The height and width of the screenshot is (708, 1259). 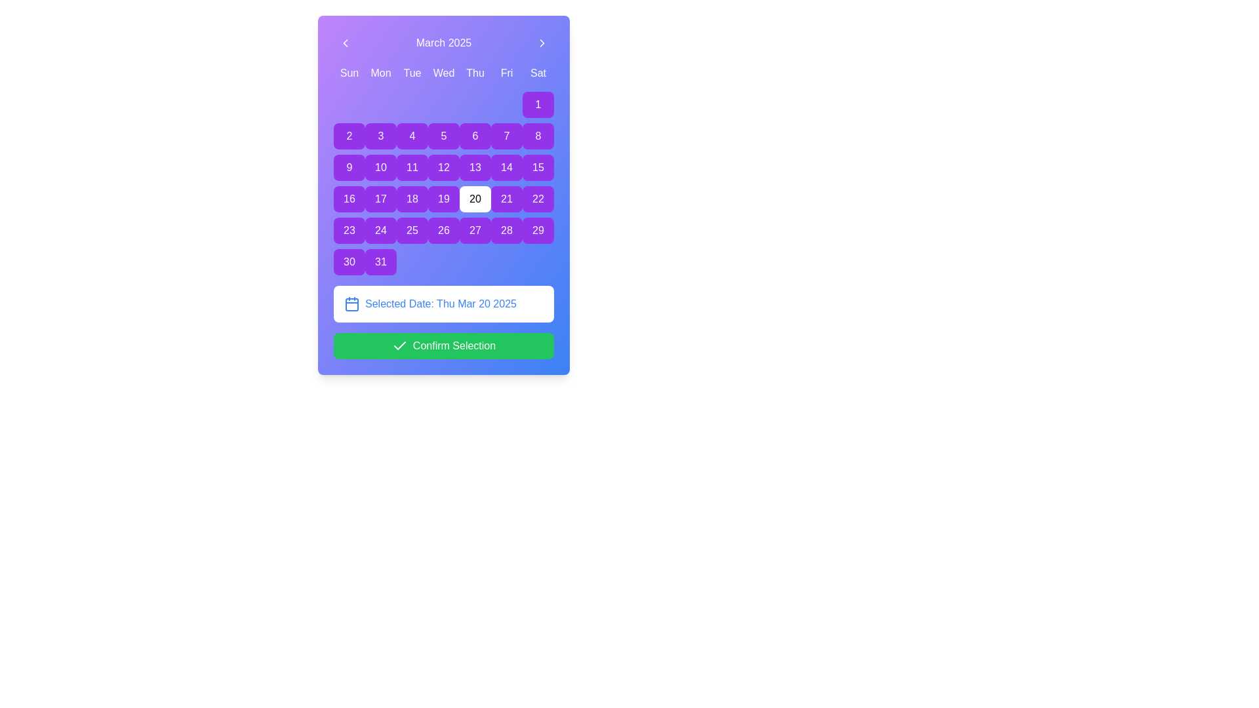 What do you see at coordinates (349, 73) in the screenshot?
I see `the 'Sun' text label, which is the first element in a horizontal layout of the days of the week, styled with a rounded design and contrasting background and text colors` at bounding box center [349, 73].